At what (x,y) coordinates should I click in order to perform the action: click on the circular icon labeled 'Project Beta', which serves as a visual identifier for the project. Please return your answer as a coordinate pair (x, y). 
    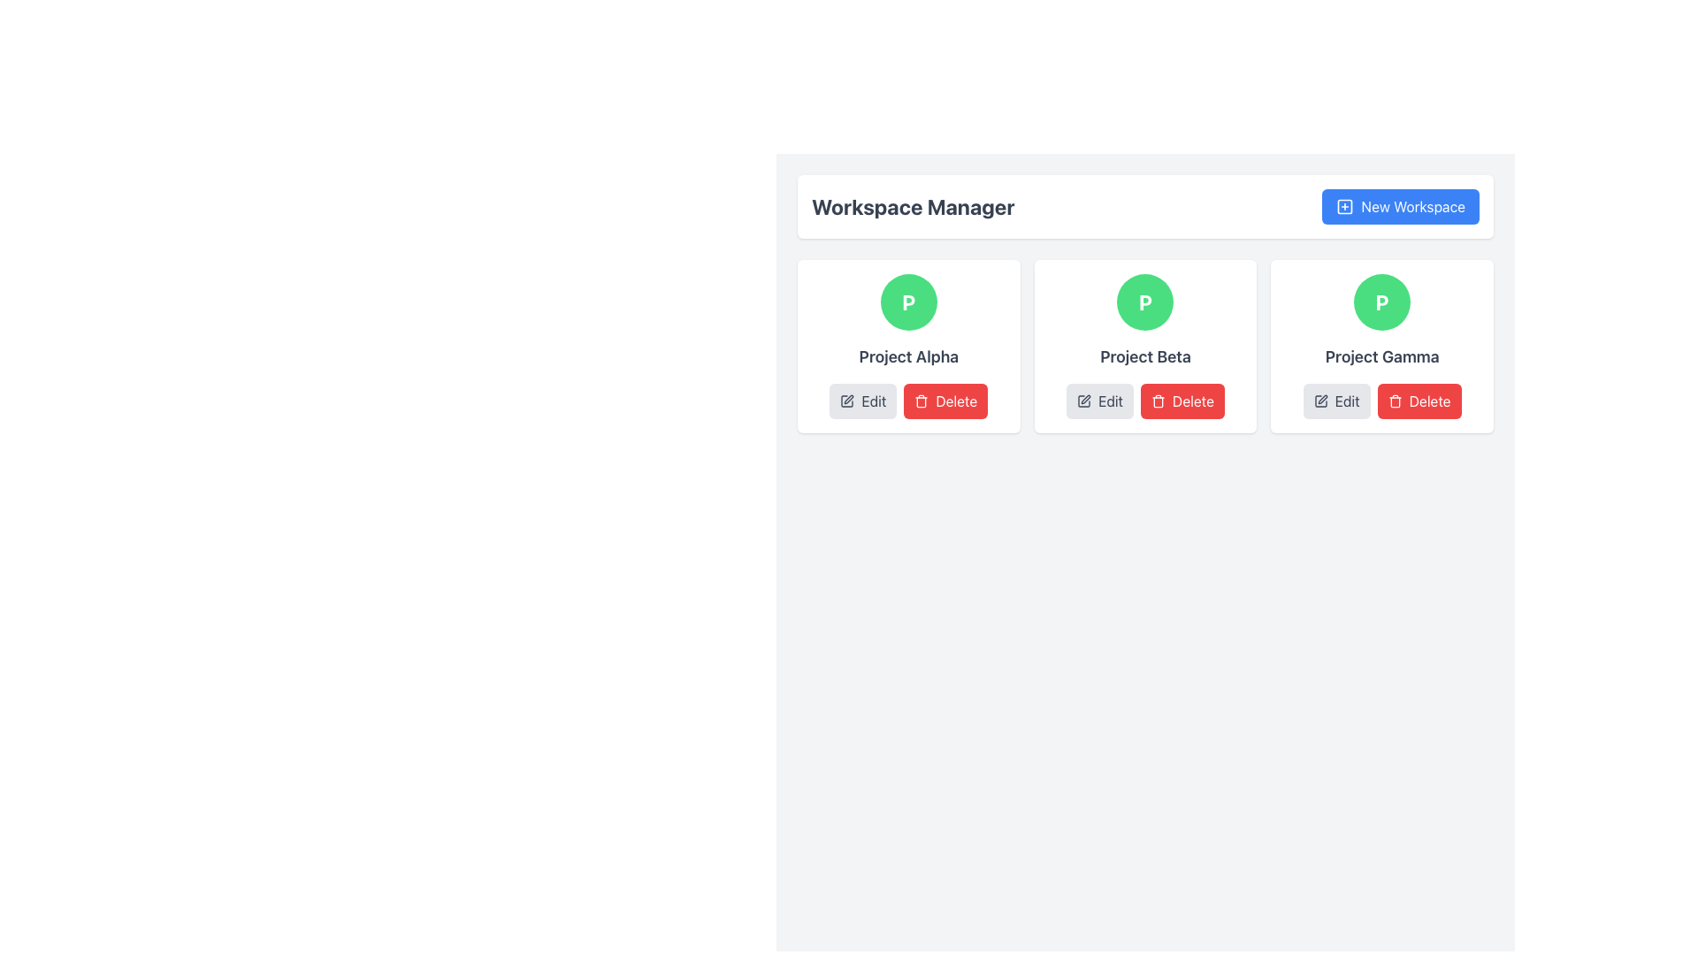
    Looking at the image, I should click on (1145, 302).